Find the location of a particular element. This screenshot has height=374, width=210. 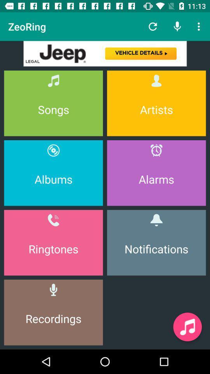

the 3 vertical dots at the top right corner of the page is located at coordinates (200, 26).